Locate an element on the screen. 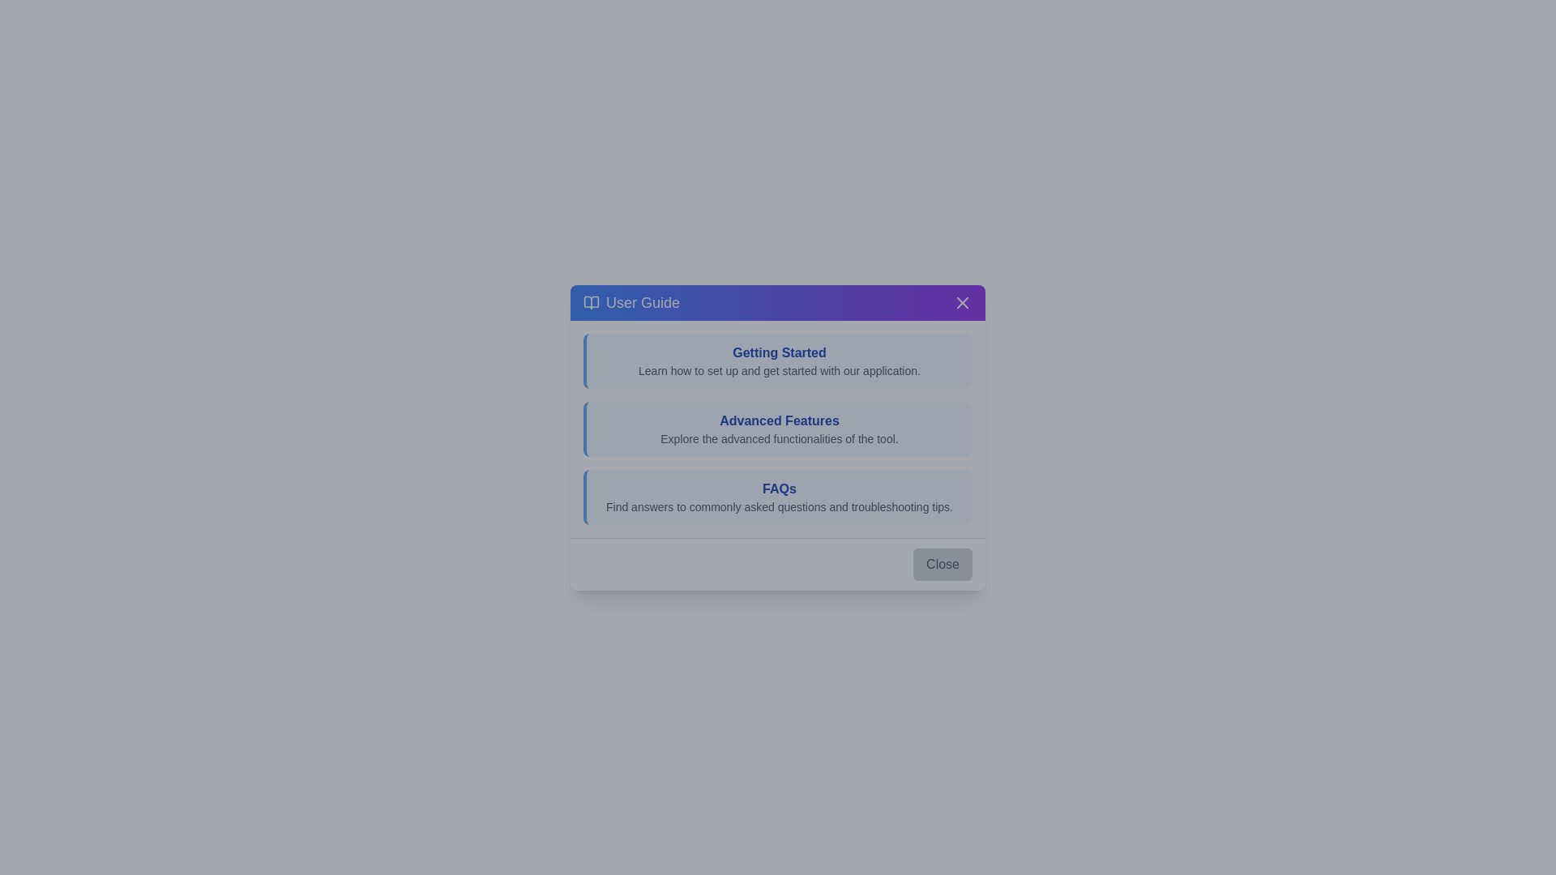 The height and width of the screenshot is (875, 1556). the Informational Box, which is the third item in the vertically stacked options within the 'User Guide' modal, located below 'Advanced Features' and above the 'Close' button is located at coordinates (778, 496).